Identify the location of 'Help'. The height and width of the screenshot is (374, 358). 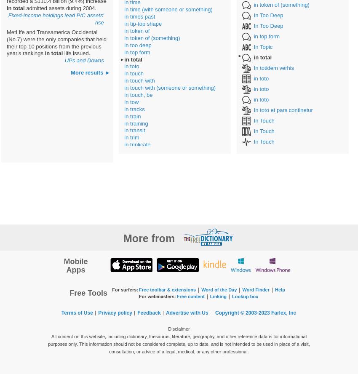
(280, 290).